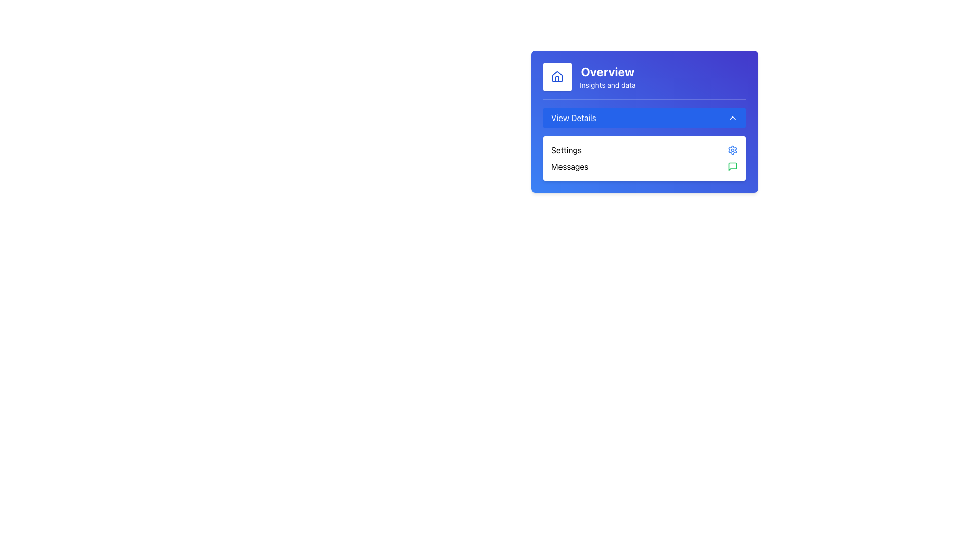 Image resolution: width=973 pixels, height=547 pixels. What do you see at coordinates (732, 166) in the screenshot?
I see `the speech bubble icon with a green outline, located to the right of the 'Messages' label` at bounding box center [732, 166].